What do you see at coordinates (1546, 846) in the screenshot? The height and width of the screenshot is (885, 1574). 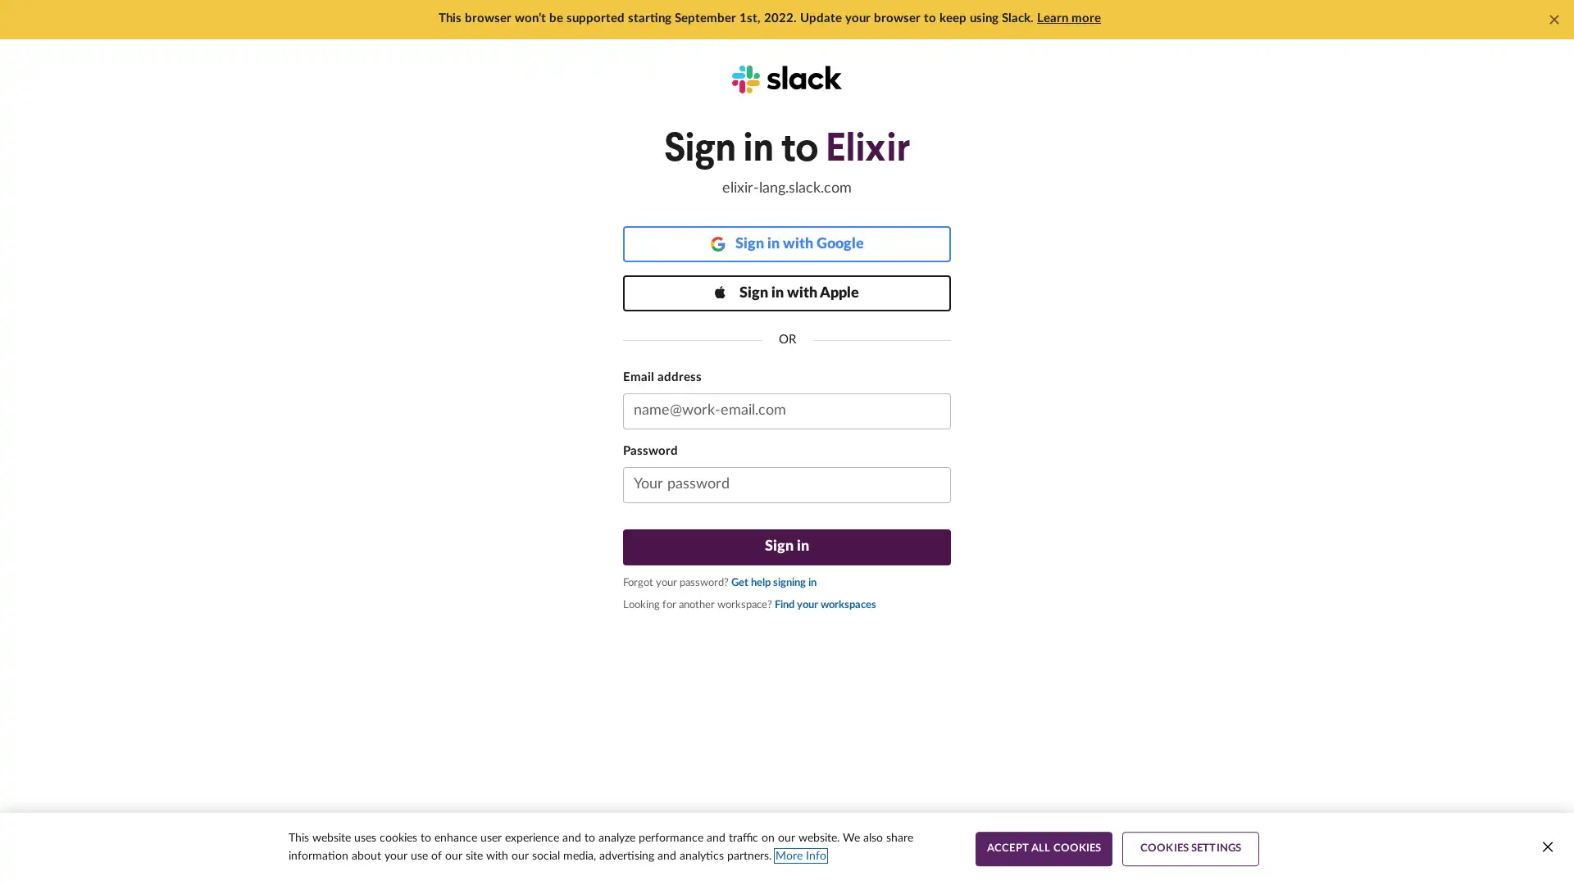 I see `Close` at bounding box center [1546, 846].